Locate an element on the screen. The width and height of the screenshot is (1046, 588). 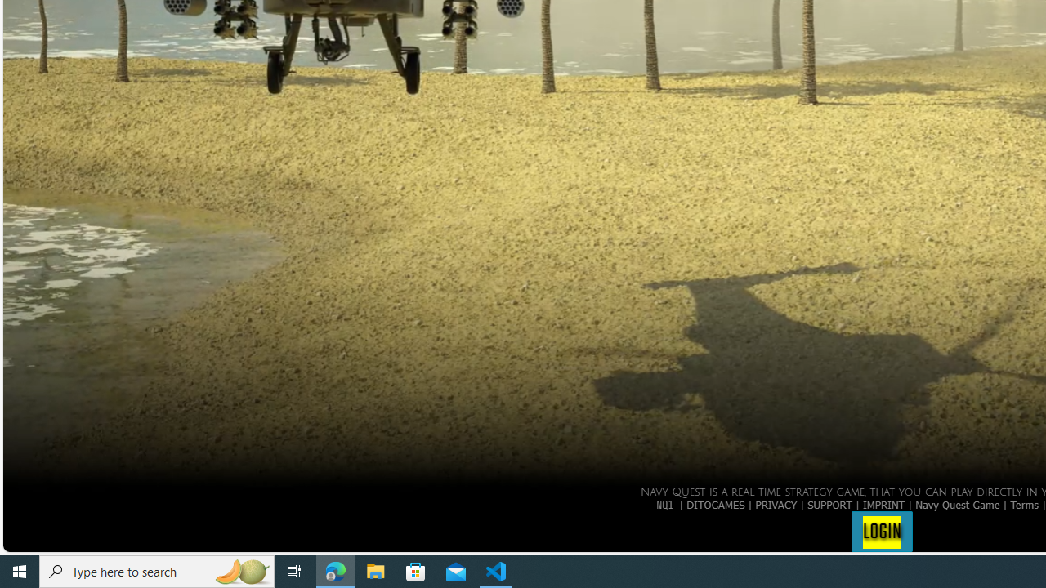
'Task View' is located at coordinates (293, 570).